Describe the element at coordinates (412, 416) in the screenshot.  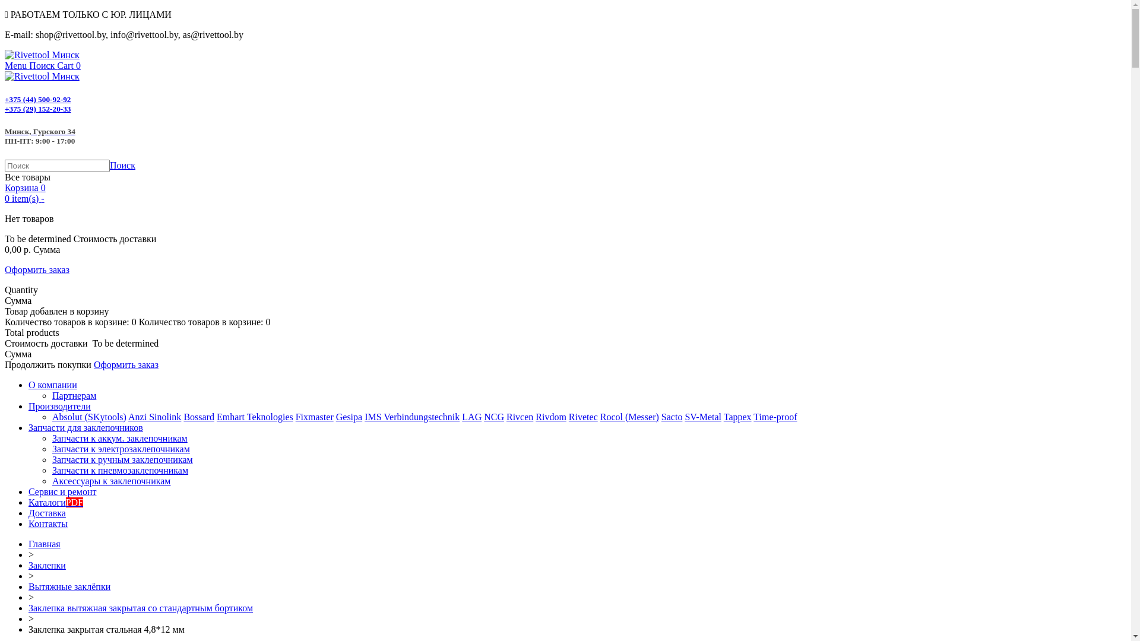
I see `'IMS Verbindungstechnik'` at that location.